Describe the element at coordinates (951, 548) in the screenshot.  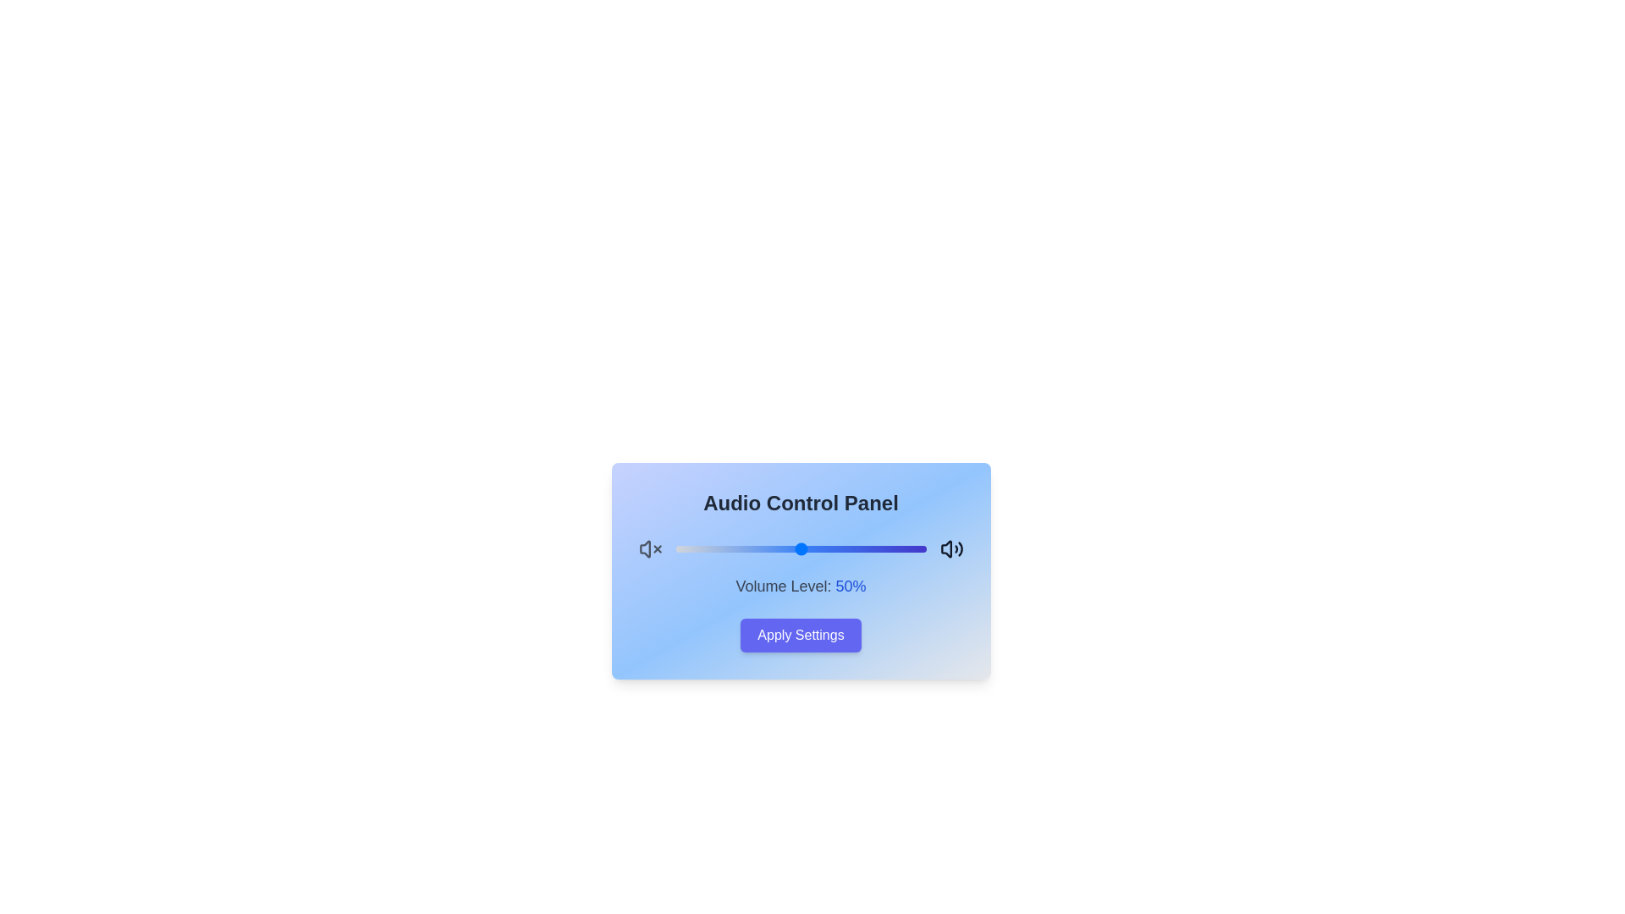
I see `the unmute volume icon to toggle the audio state` at that location.